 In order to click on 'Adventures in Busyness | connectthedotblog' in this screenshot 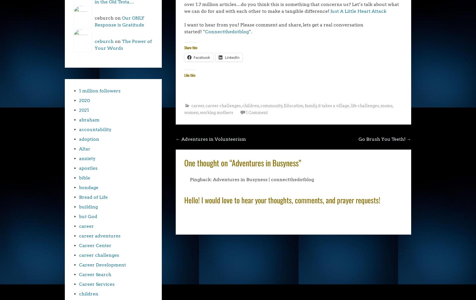, I will do `click(263, 179)`.